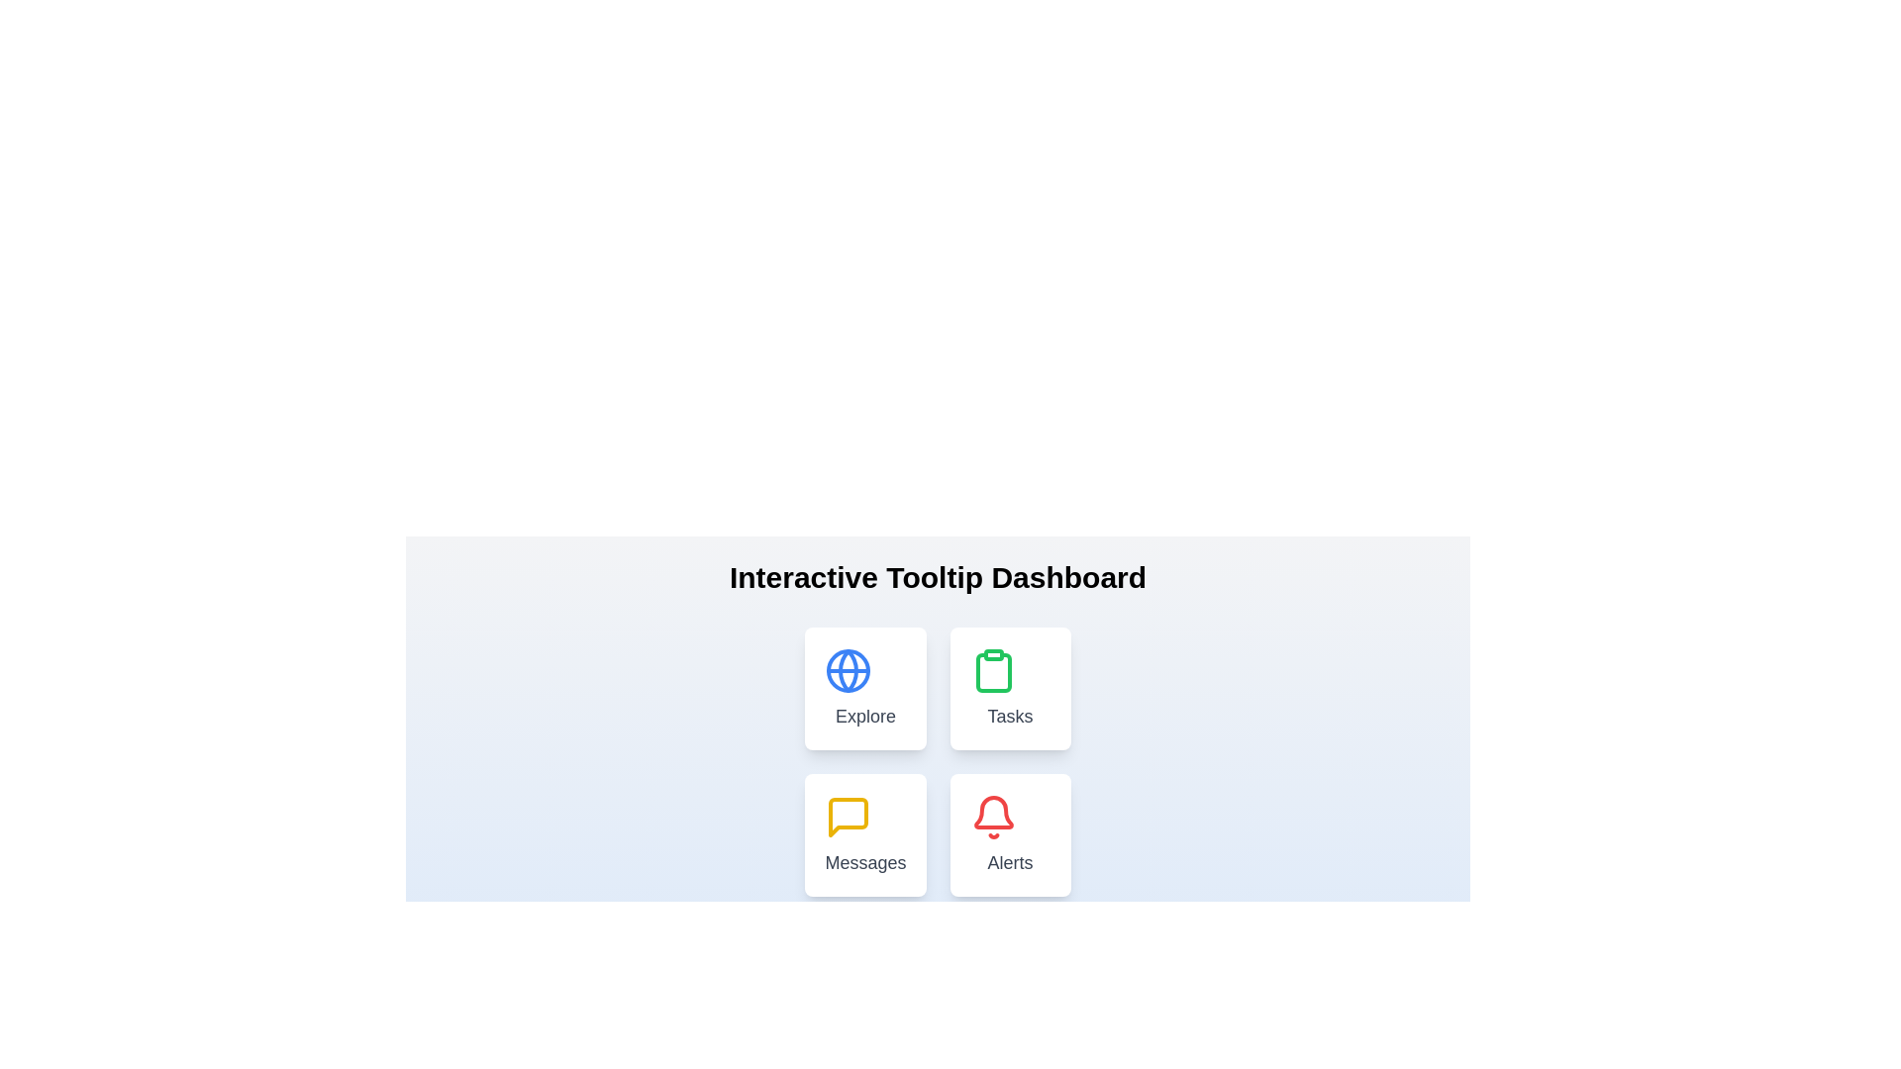 This screenshot has width=1901, height=1069. I want to click on the globe icon with a blue outline located in the top-left corner of the grid to initiate an explore-related action, so click(849, 670).